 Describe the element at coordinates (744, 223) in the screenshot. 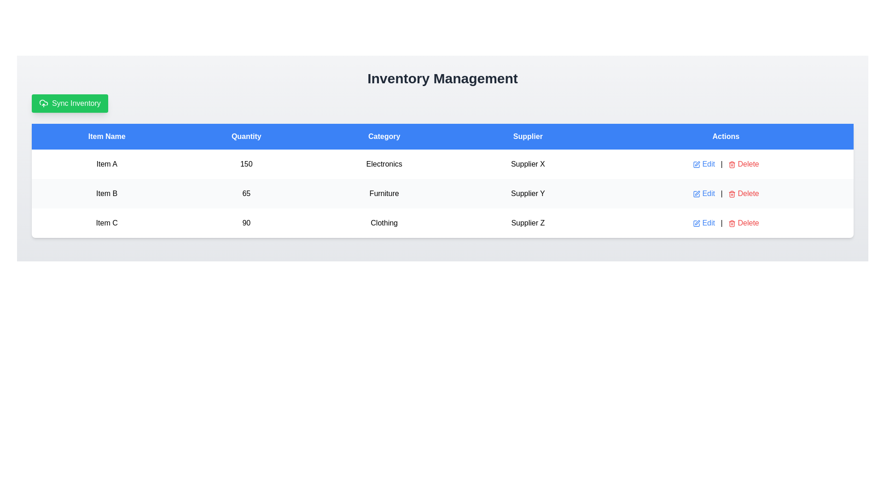

I see `the delete link with an associated icon` at that location.